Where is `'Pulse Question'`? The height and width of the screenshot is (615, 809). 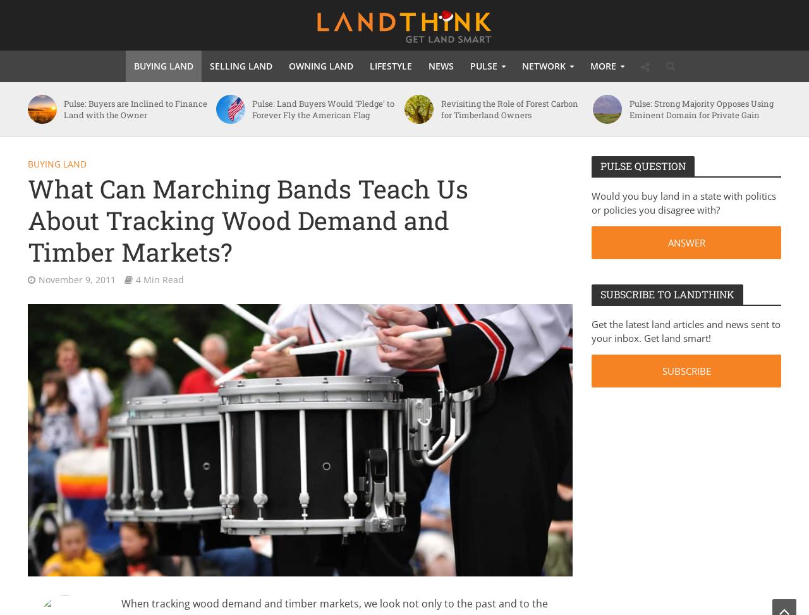
'Pulse Question' is located at coordinates (600, 165).